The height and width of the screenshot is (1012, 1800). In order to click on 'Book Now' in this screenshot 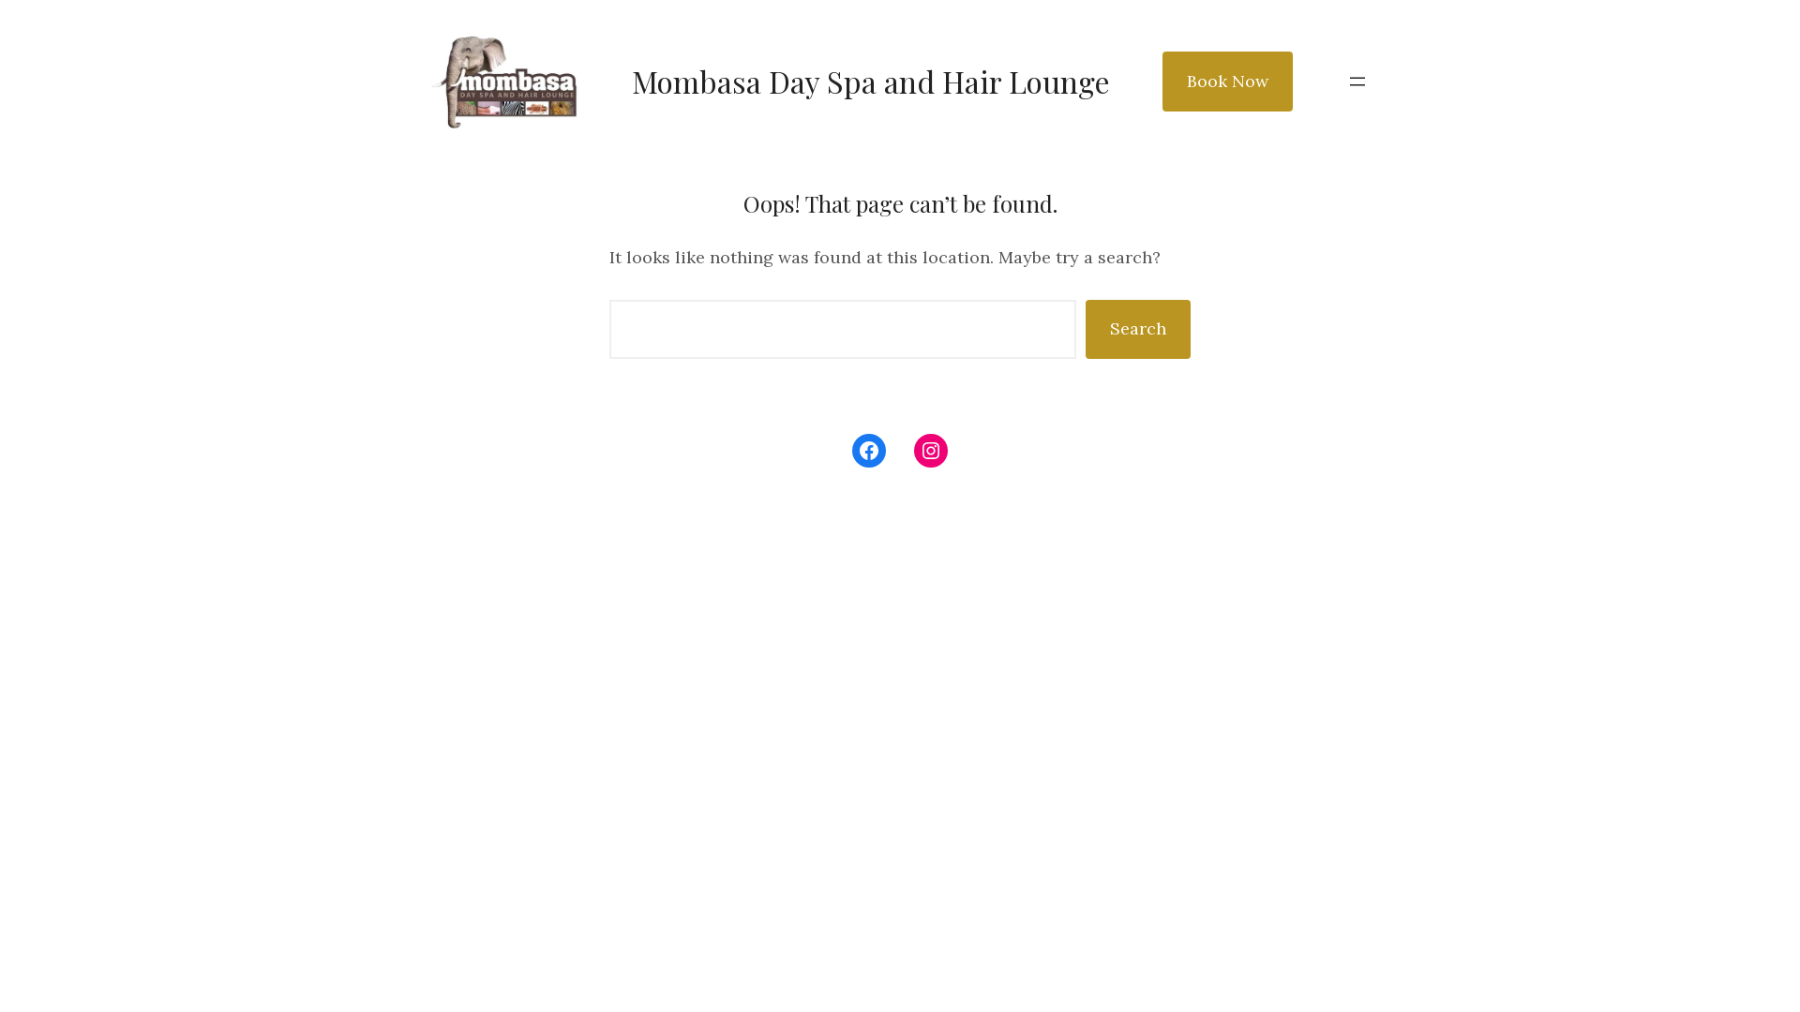, I will do `click(1227, 81)`.